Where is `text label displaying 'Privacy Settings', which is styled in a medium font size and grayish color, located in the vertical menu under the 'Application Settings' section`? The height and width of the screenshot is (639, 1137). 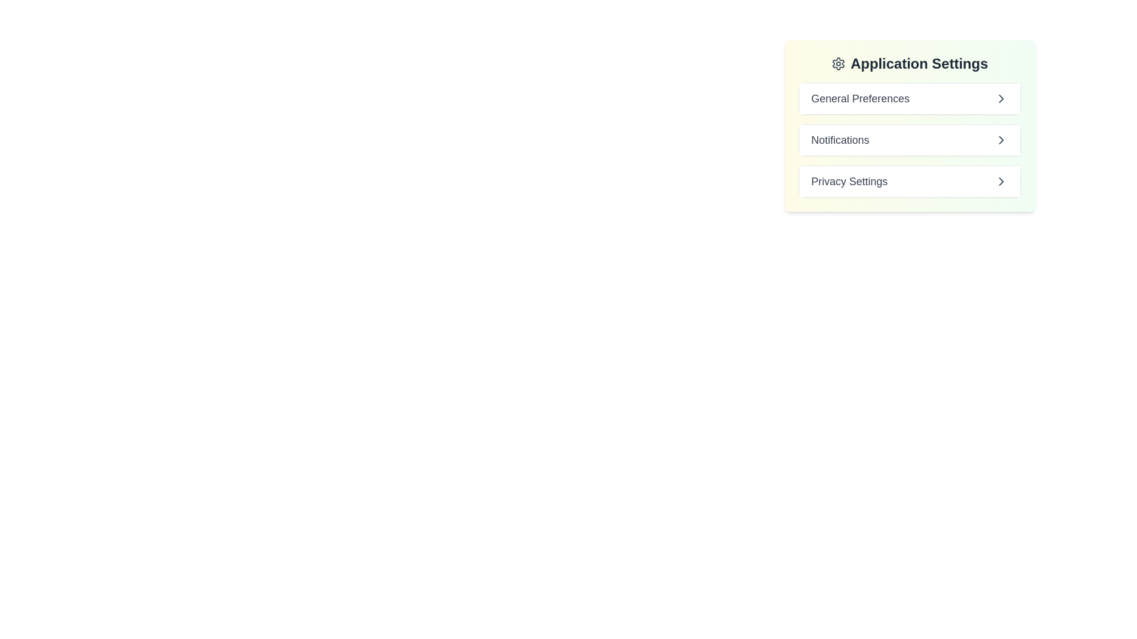
text label displaying 'Privacy Settings', which is styled in a medium font size and grayish color, located in the vertical menu under the 'Application Settings' section is located at coordinates (849, 182).